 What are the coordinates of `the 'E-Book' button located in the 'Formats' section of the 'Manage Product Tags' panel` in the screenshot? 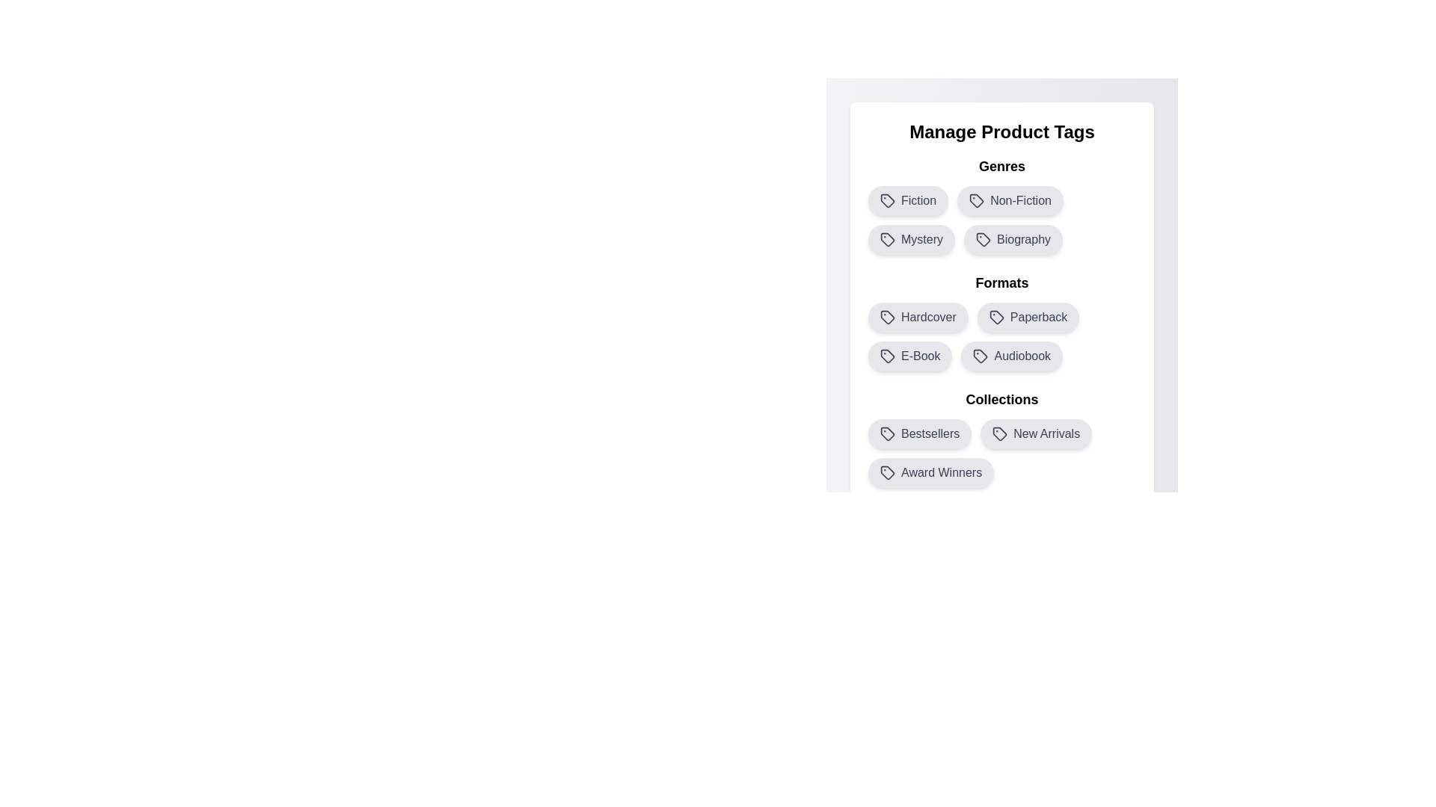 It's located at (909, 356).